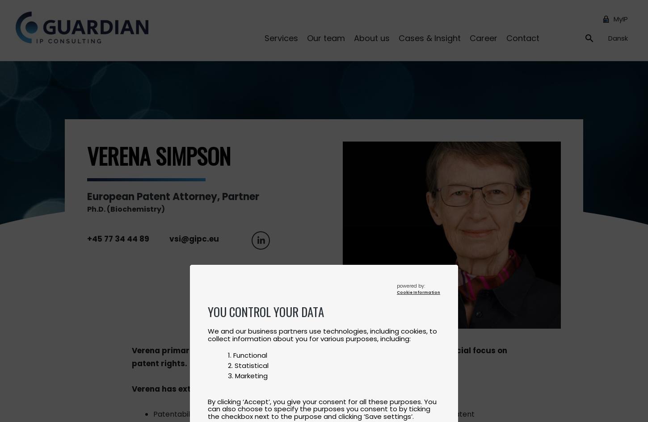 The width and height of the screenshot is (648, 422). I want to click on 'vsi@gipc.eu', so click(168, 238).